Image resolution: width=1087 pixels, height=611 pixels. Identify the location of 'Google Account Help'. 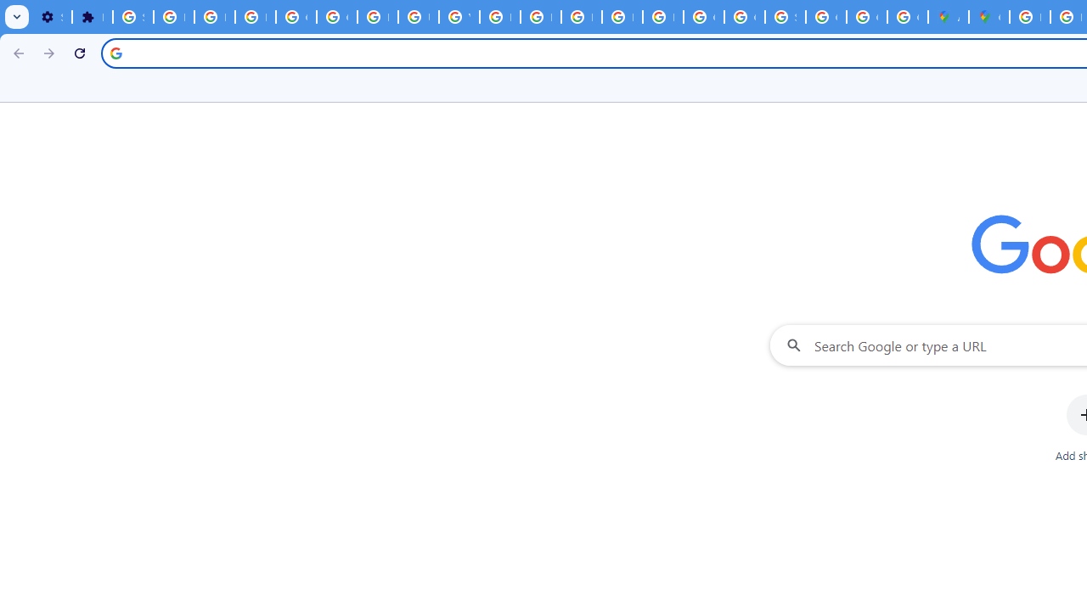
(296, 17).